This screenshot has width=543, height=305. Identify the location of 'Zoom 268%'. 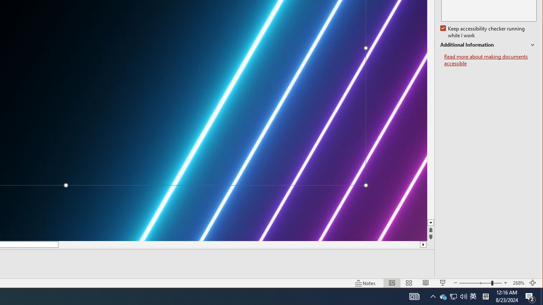
(518, 283).